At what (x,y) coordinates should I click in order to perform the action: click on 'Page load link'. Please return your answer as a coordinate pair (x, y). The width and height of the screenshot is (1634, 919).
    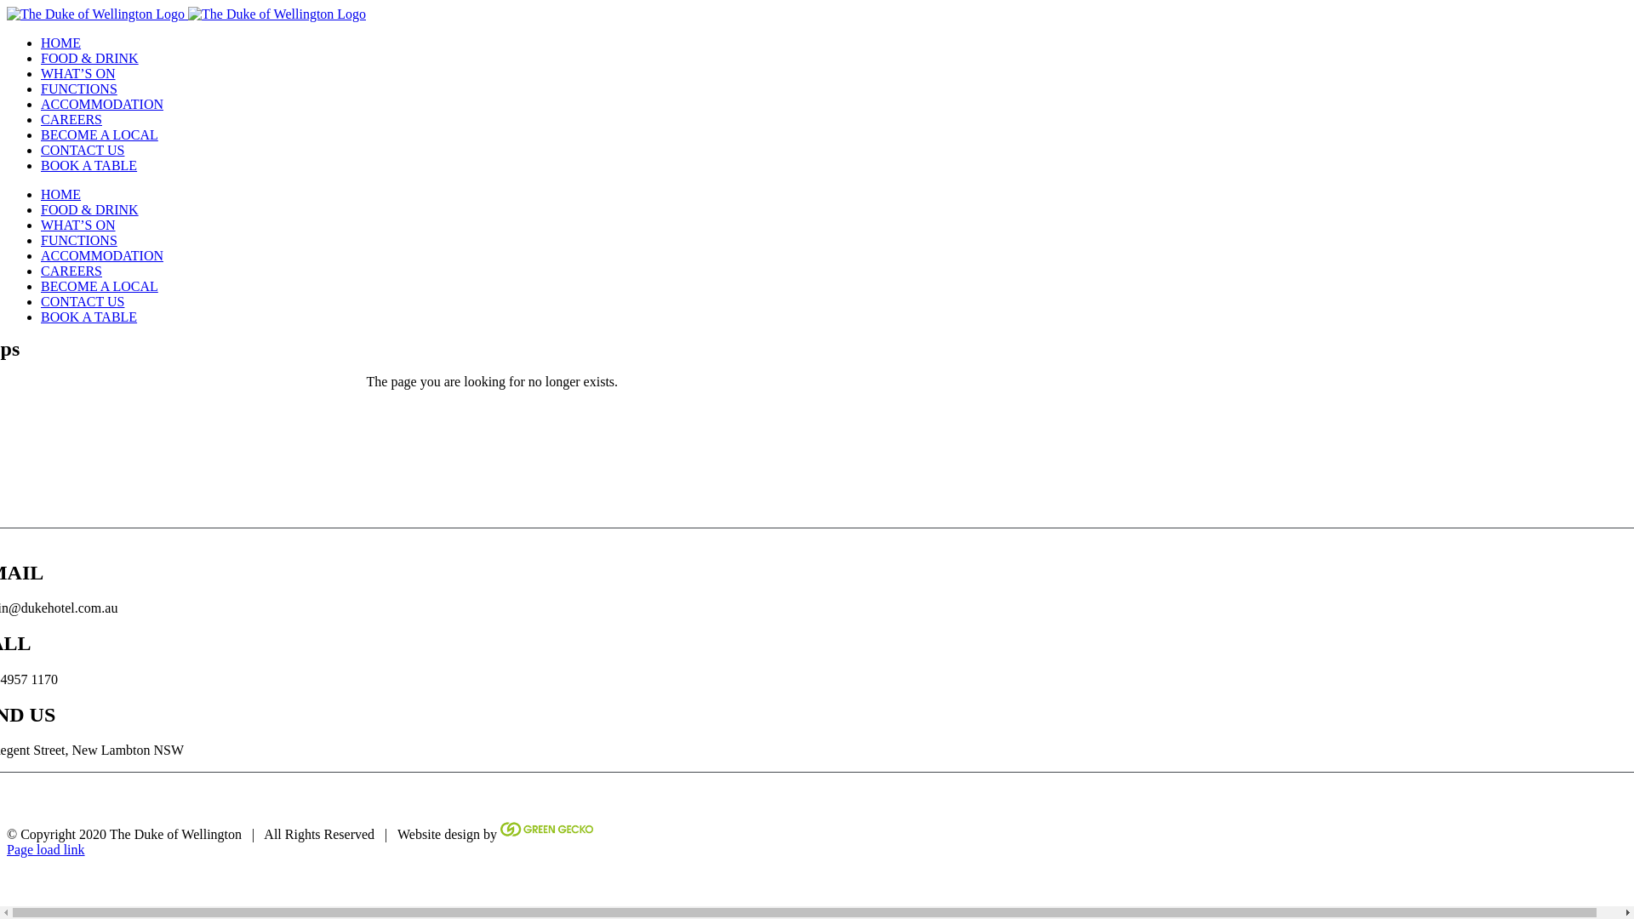
    Looking at the image, I should click on (45, 849).